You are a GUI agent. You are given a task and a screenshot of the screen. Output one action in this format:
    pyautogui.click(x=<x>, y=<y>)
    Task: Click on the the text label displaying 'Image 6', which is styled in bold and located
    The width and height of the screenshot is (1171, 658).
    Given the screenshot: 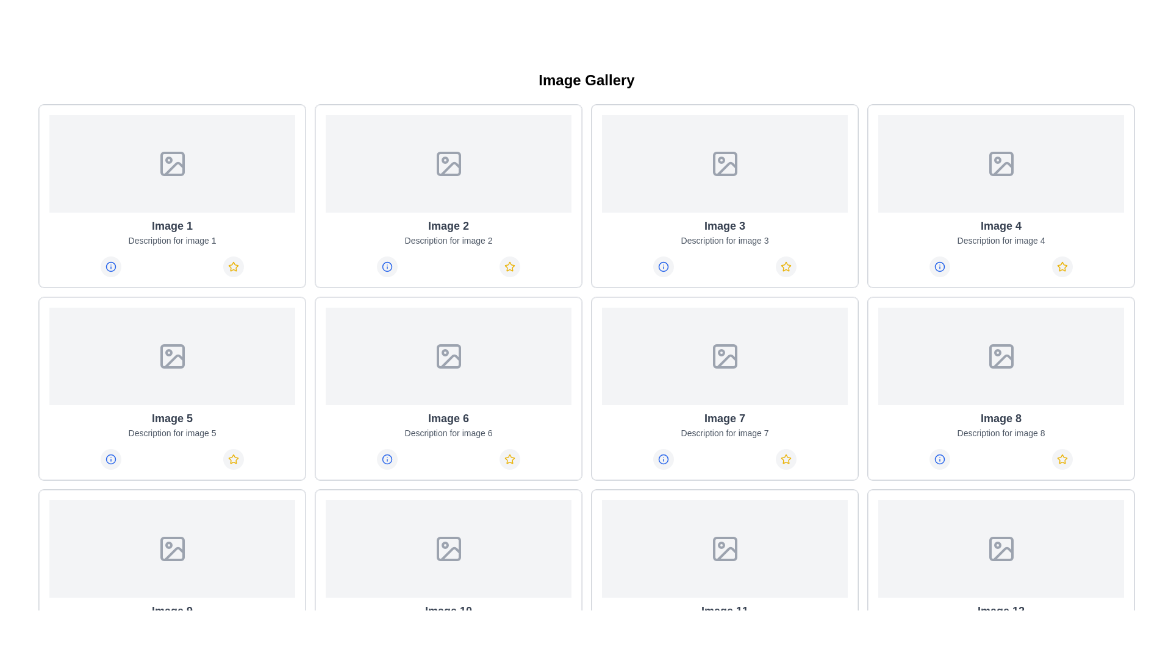 What is the action you would take?
    pyautogui.click(x=448, y=417)
    